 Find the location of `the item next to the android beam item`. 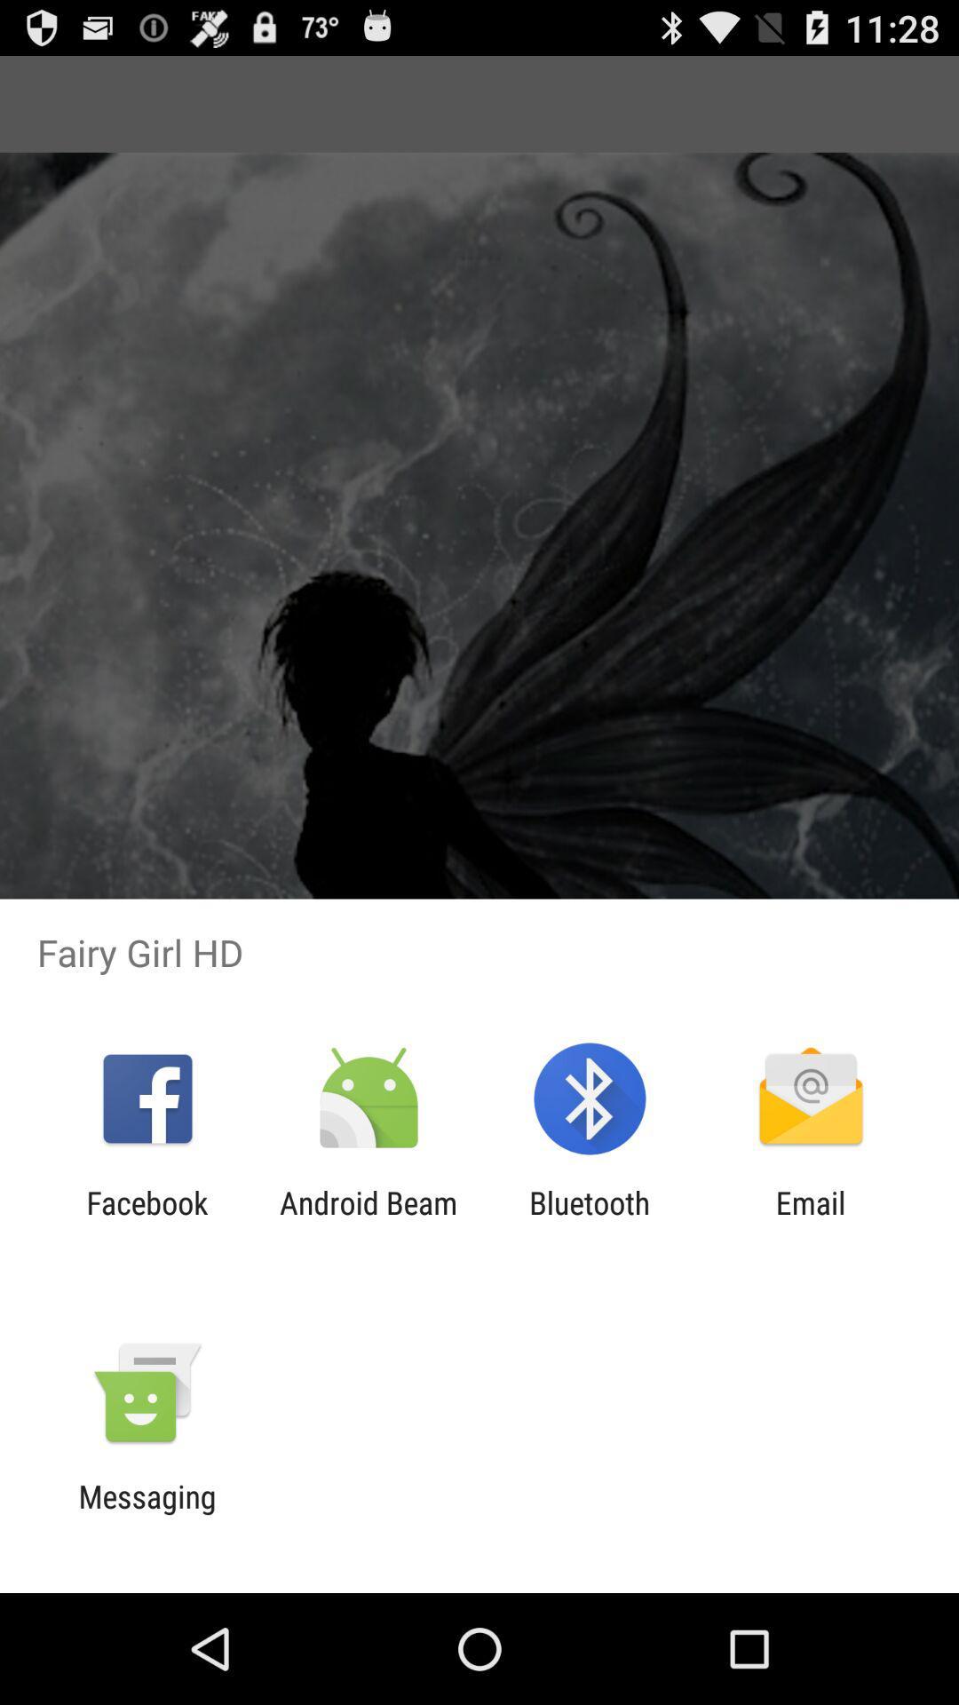

the item next to the android beam item is located at coordinates (147, 1220).